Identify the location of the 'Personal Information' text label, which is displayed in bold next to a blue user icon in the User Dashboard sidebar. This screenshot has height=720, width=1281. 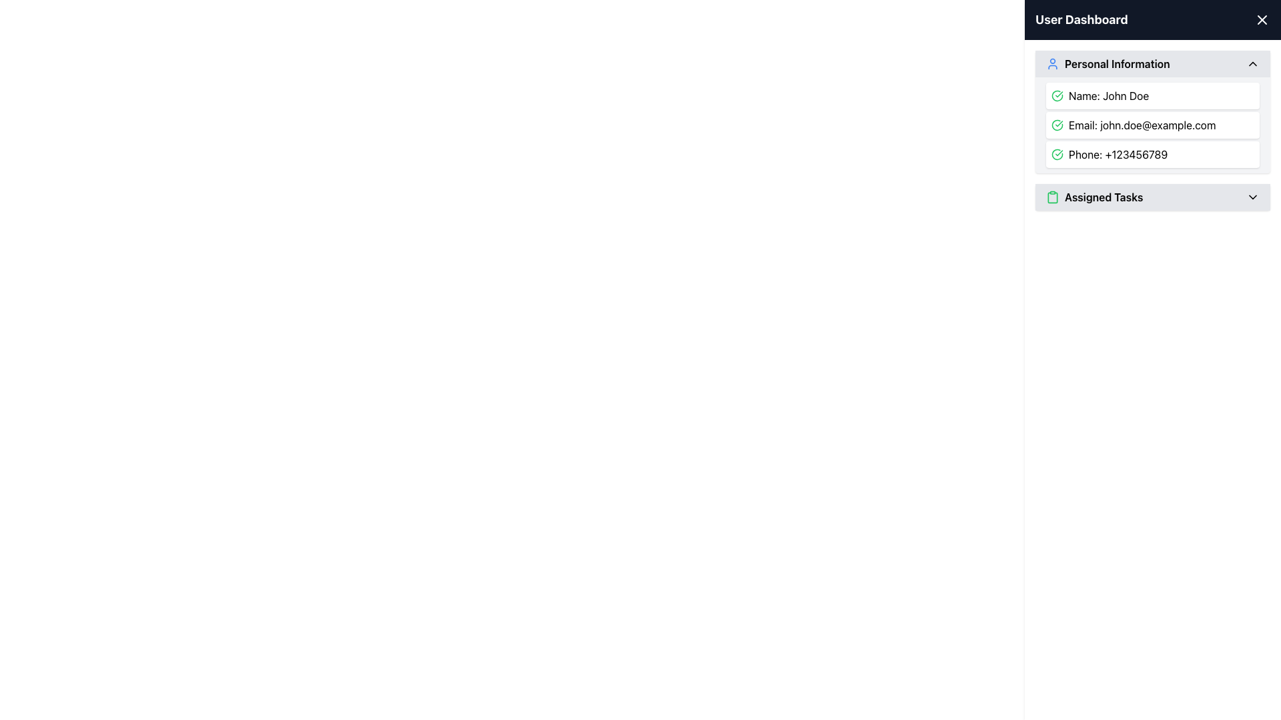
(1117, 64).